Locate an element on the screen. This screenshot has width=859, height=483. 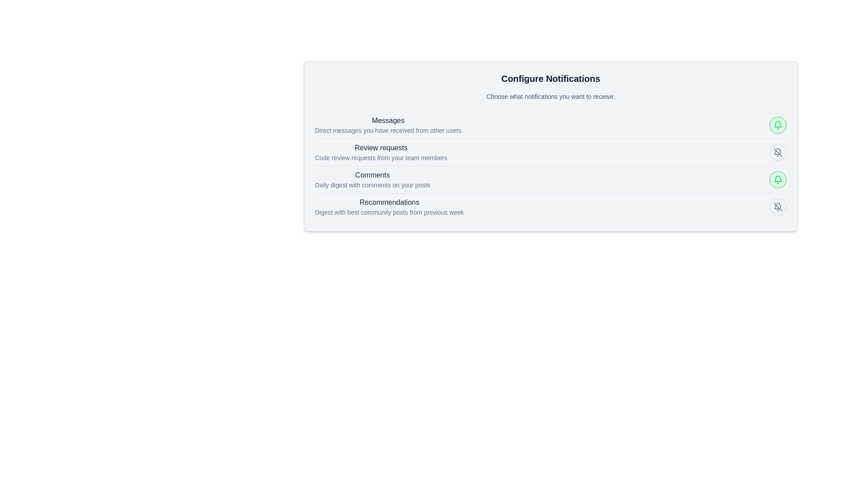
the circular button with a green border and a bell icon located in the 'Messages' section is located at coordinates (777, 125).